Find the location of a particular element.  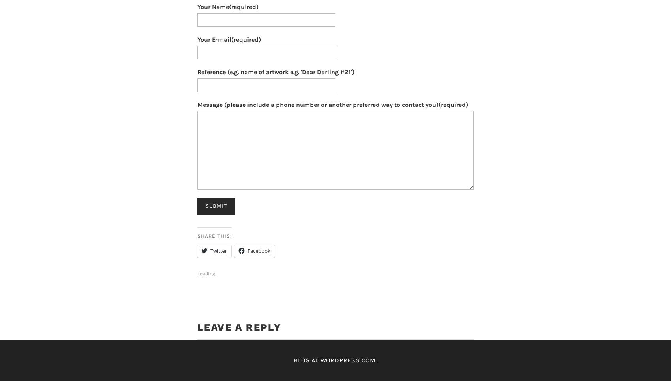

'Submit' is located at coordinates (216, 206).